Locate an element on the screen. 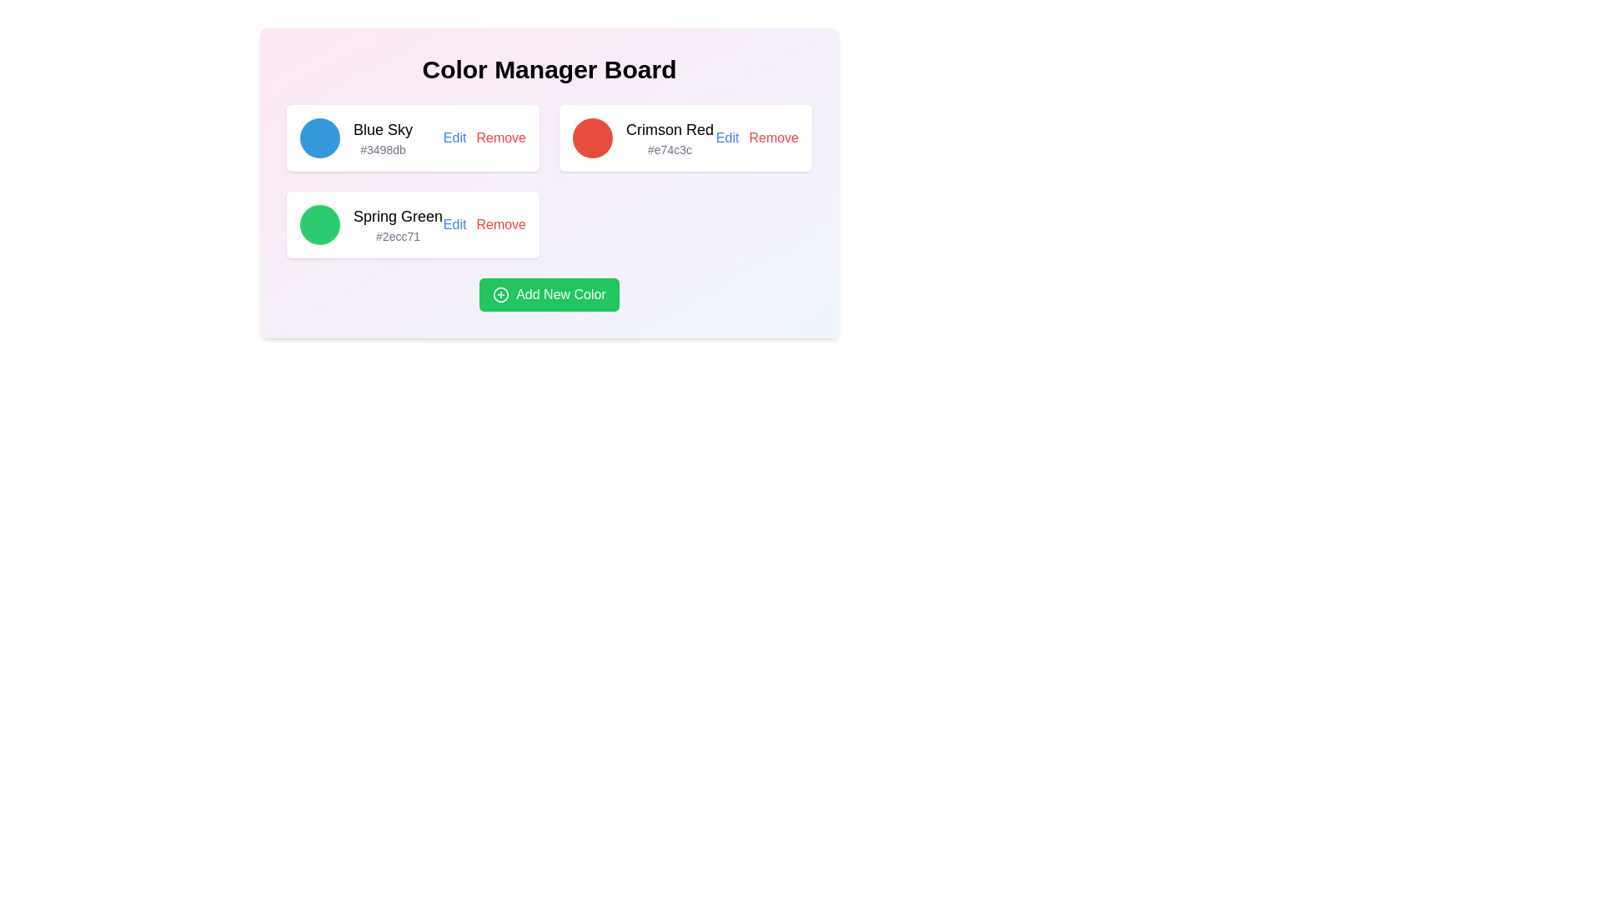 This screenshot has height=900, width=1601. the static text element displaying '#e74c3c', which is styled in gray and located within the Crimson Red color card beneath the label 'Crimson Red' is located at coordinates (670, 150).